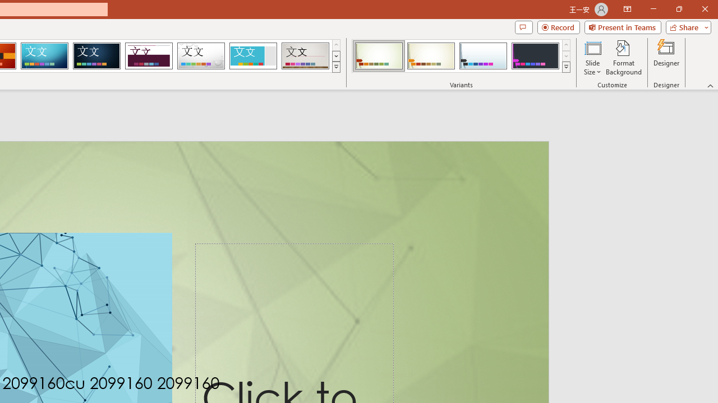 Image resolution: width=718 pixels, height=403 pixels. Describe the element at coordinates (535, 56) in the screenshot. I see `'Wisp Variant 4'` at that location.